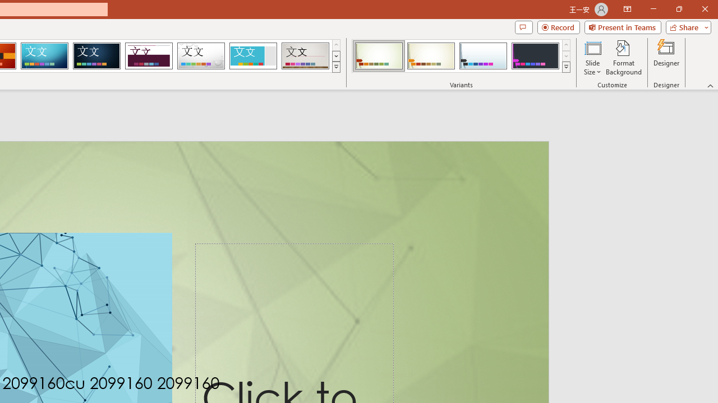 Image resolution: width=718 pixels, height=403 pixels. Describe the element at coordinates (535, 56) in the screenshot. I see `'Wisp Variant 4'` at that location.